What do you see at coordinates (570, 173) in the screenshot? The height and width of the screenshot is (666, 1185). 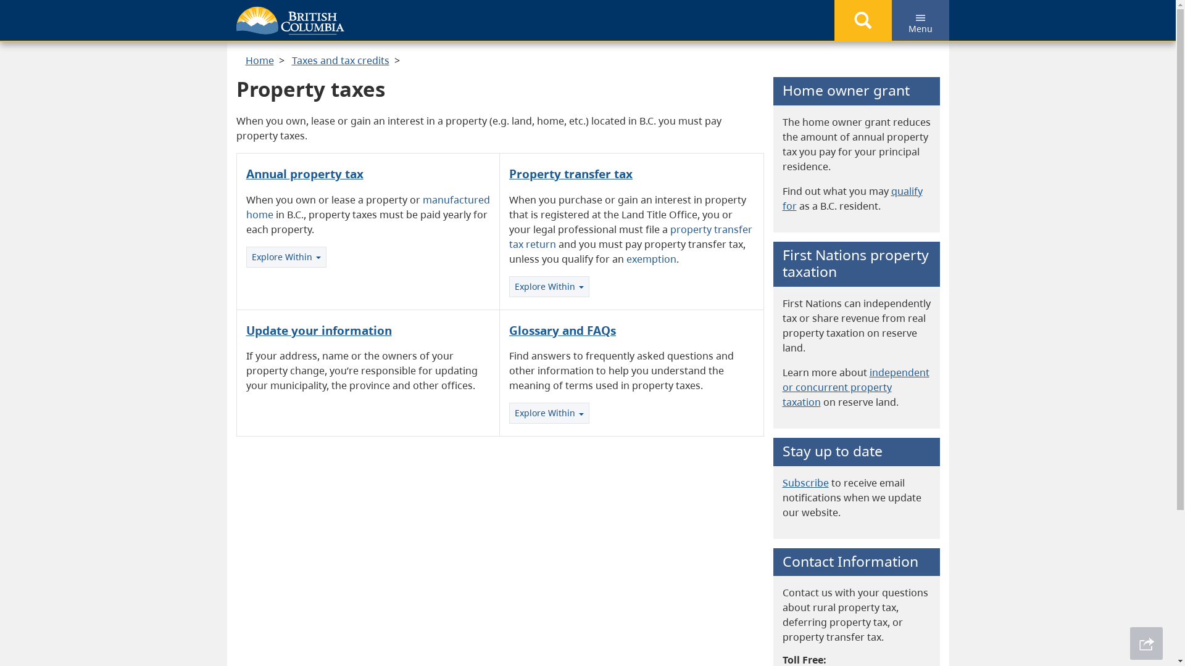 I see `'Property transfer tax'` at bounding box center [570, 173].